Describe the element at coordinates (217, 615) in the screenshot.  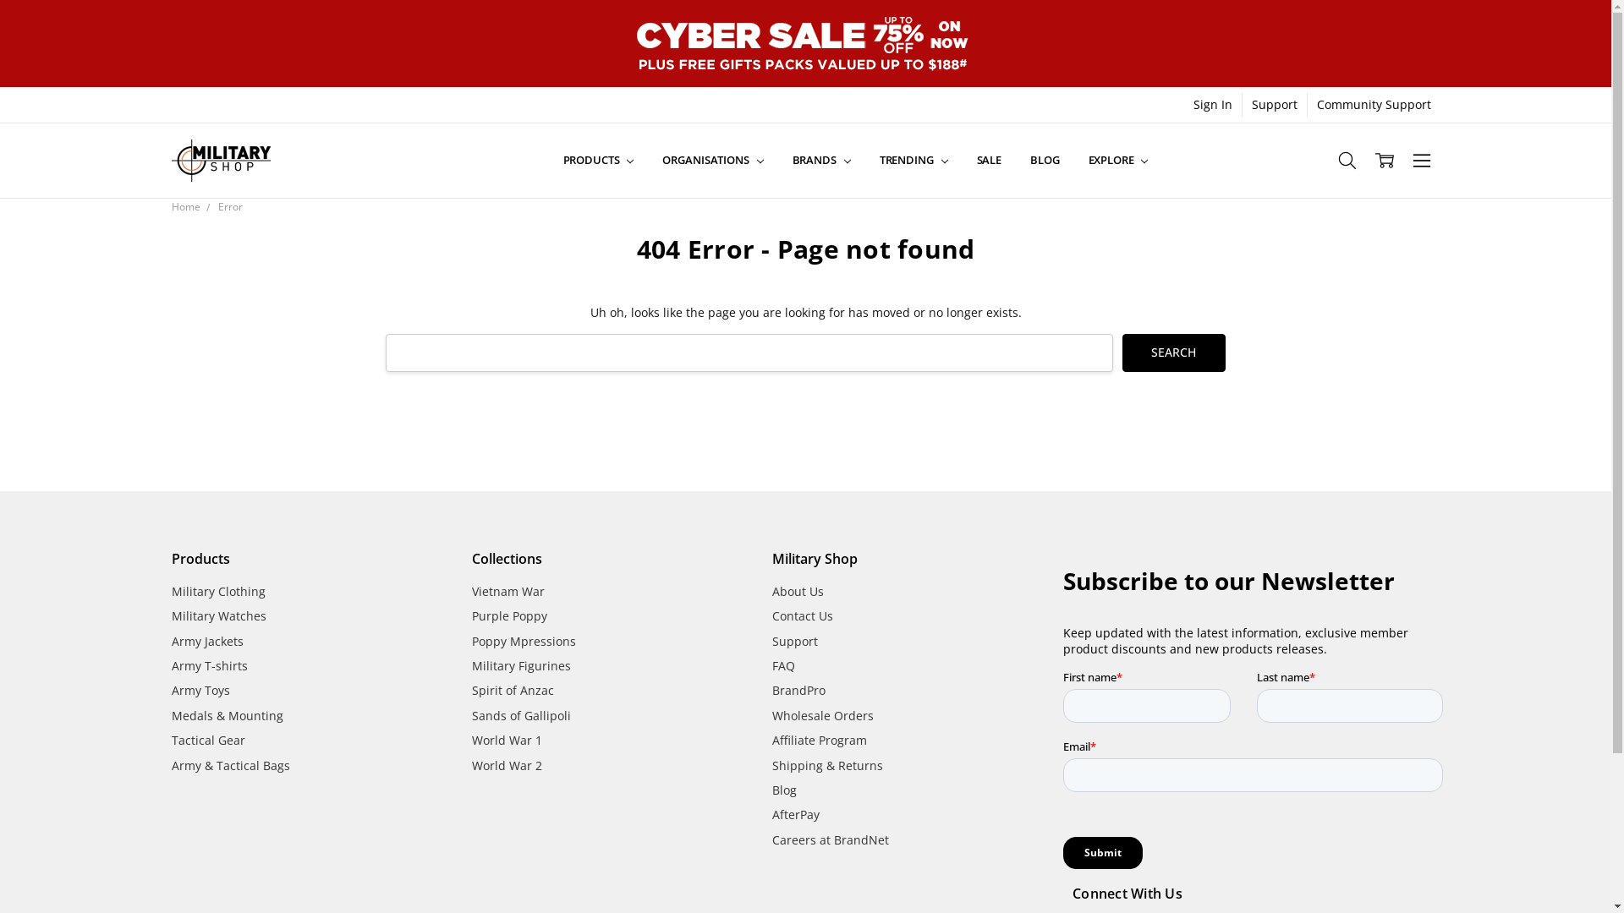
I see `'Military Watches'` at that location.